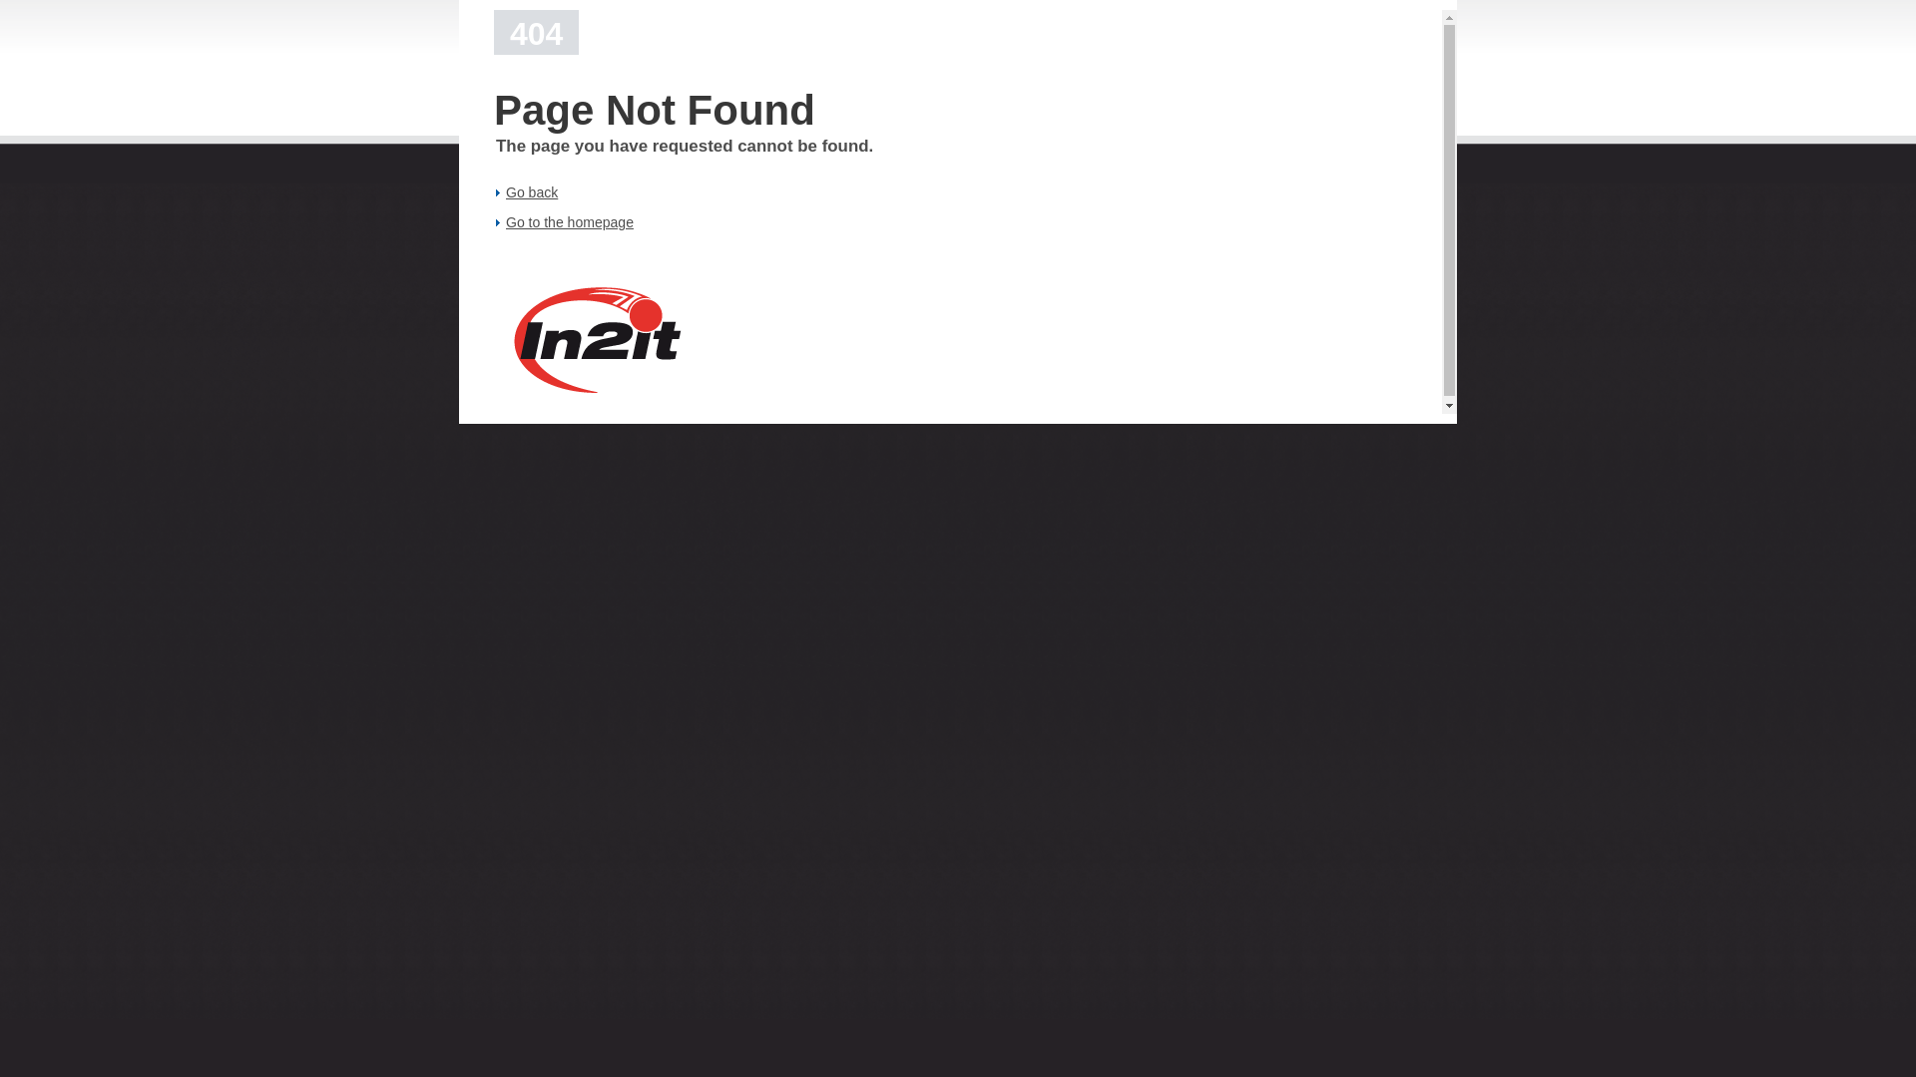 The width and height of the screenshot is (1916, 1077). What do you see at coordinates (531, 191) in the screenshot?
I see `'Go back'` at bounding box center [531, 191].